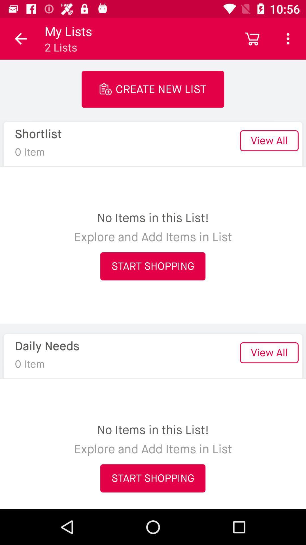 This screenshot has height=545, width=306. I want to click on the create new list, so click(152, 89).